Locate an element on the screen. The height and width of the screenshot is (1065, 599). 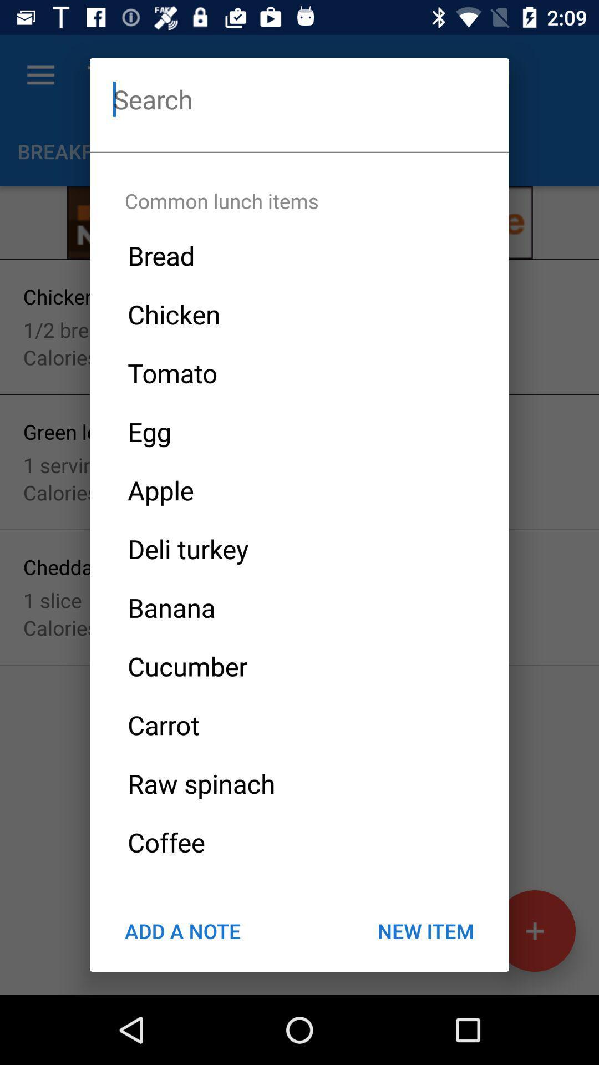
the icon below coffee item is located at coordinates (425, 931).